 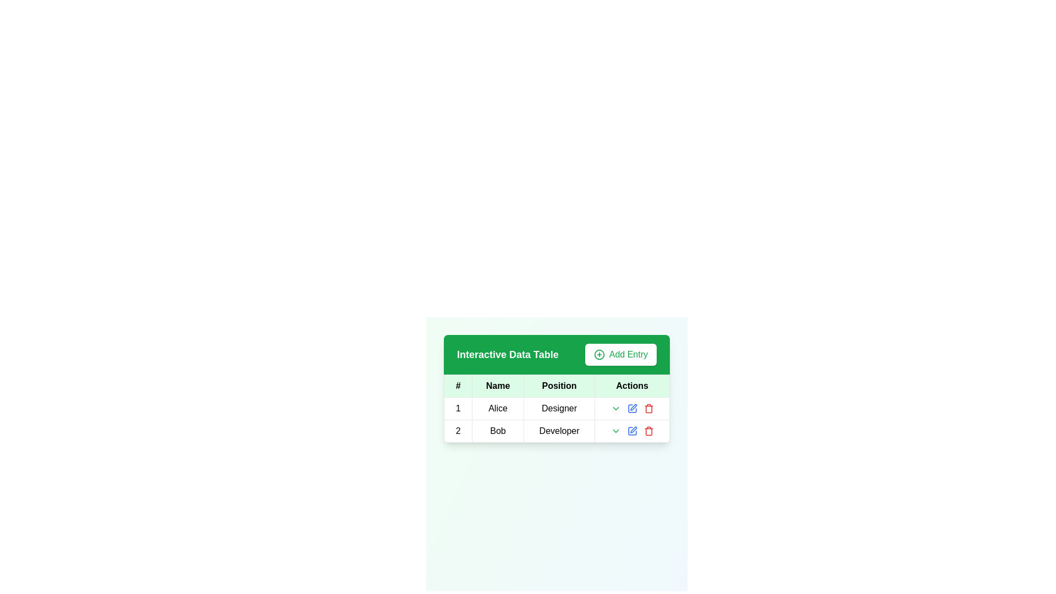 What do you see at coordinates (620, 354) in the screenshot?
I see `the button located in the top-right corner of the green header bar of the data table` at bounding box center [620, 354].